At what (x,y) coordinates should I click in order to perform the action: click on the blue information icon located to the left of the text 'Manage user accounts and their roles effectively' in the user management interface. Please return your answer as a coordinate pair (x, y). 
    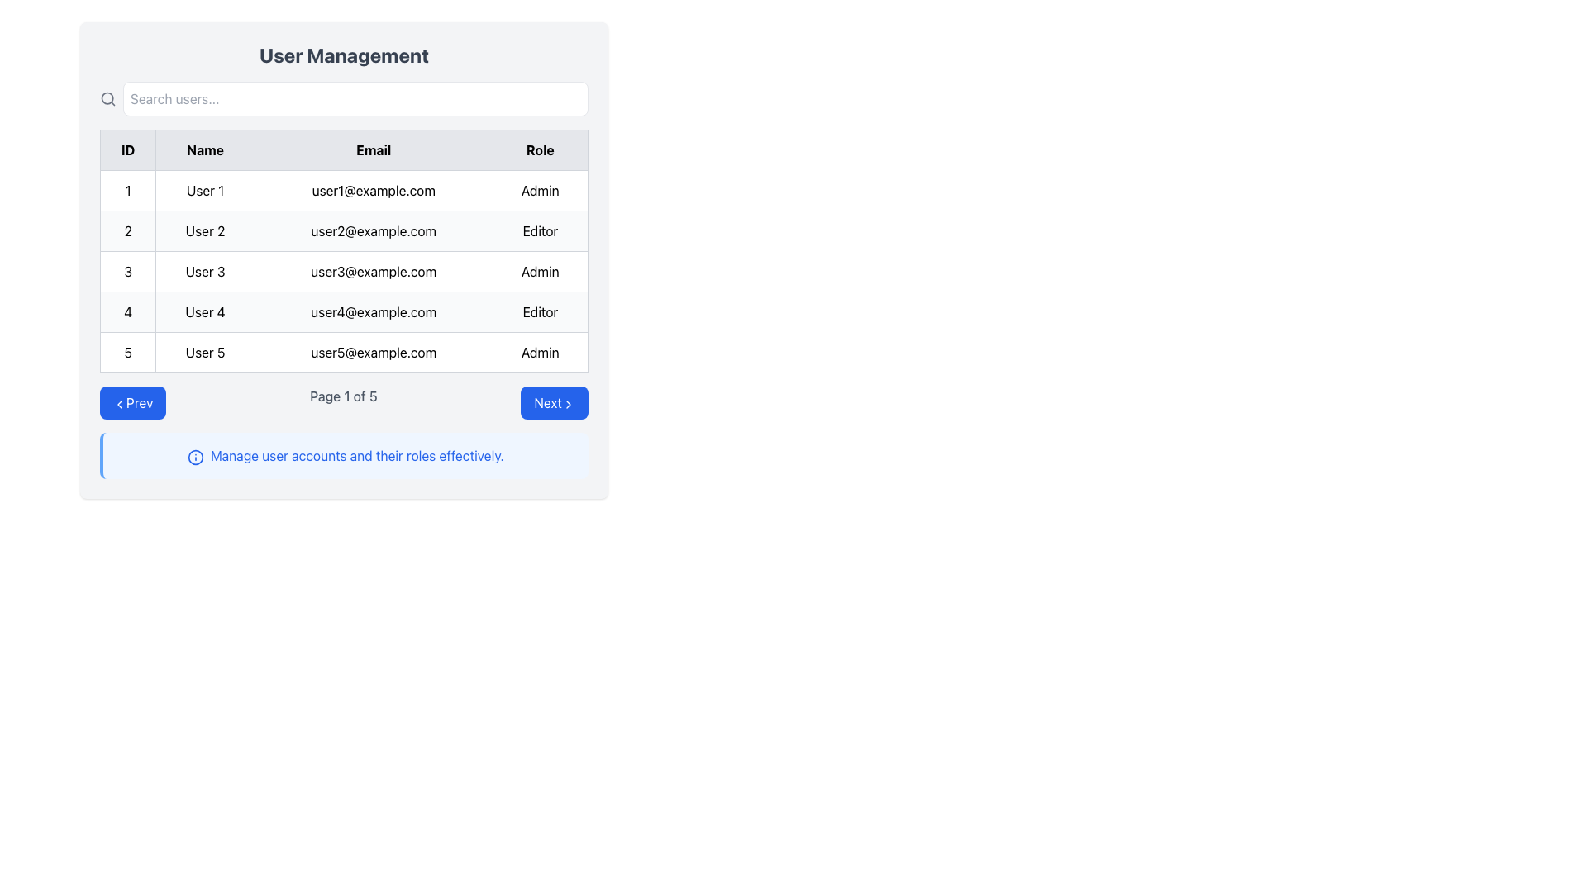
    Looking at the image, I should click on (196, 457).